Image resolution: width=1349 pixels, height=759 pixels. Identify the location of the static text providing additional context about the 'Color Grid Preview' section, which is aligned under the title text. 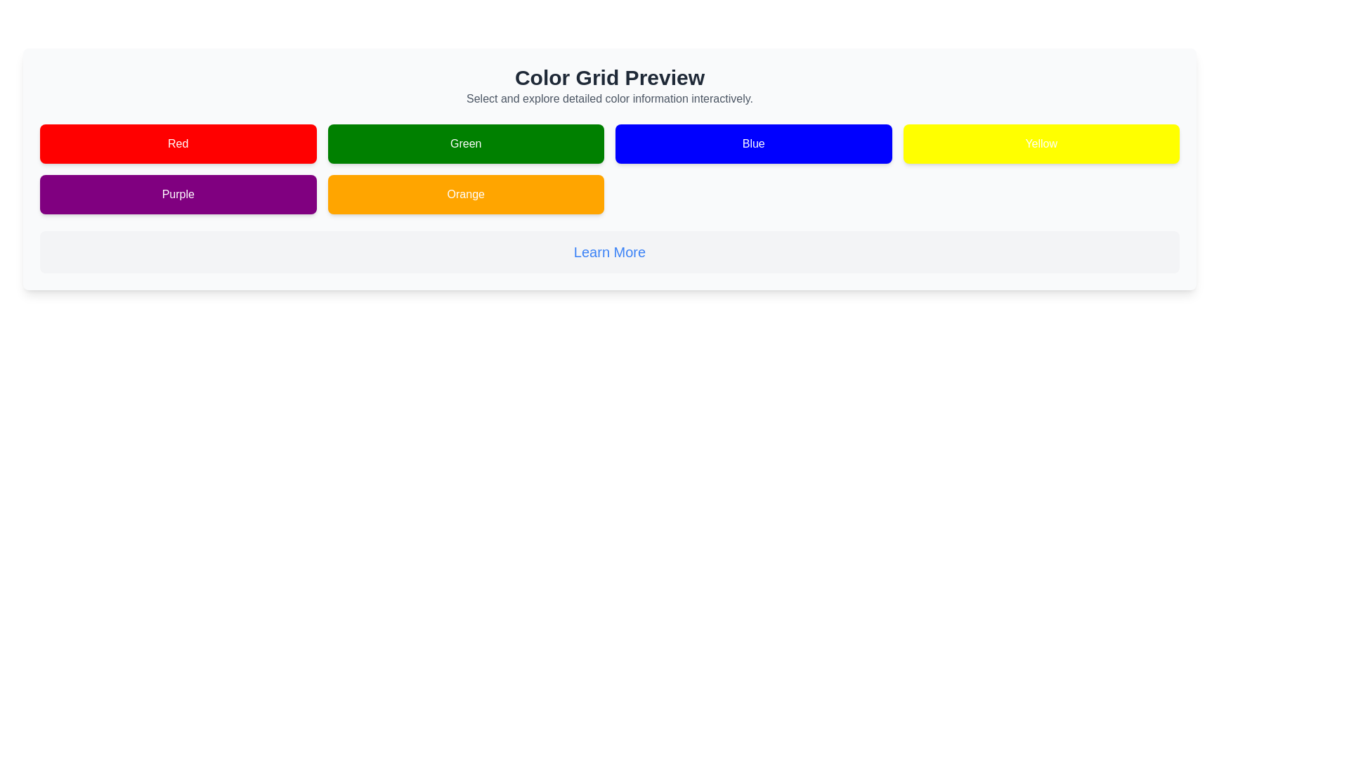
(610, 98).